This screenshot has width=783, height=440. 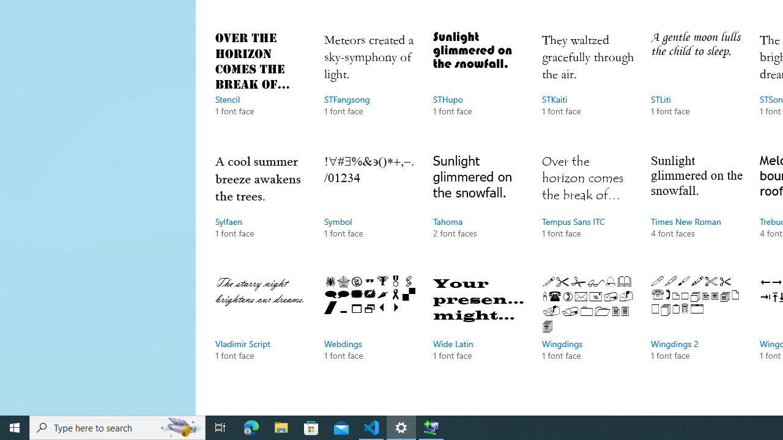 I want to click on 'Tempus Sans ITC, 1 font face', so click(x=588, y=207).